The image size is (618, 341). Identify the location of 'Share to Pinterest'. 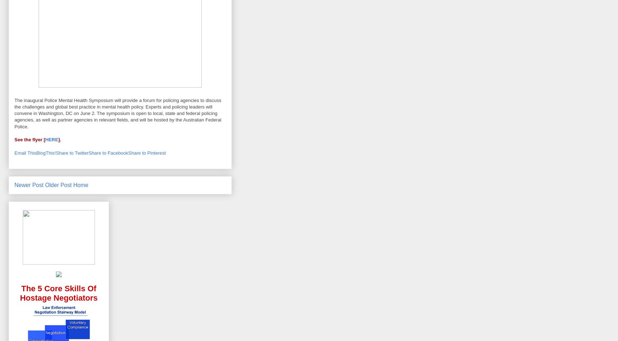
(147, 152).